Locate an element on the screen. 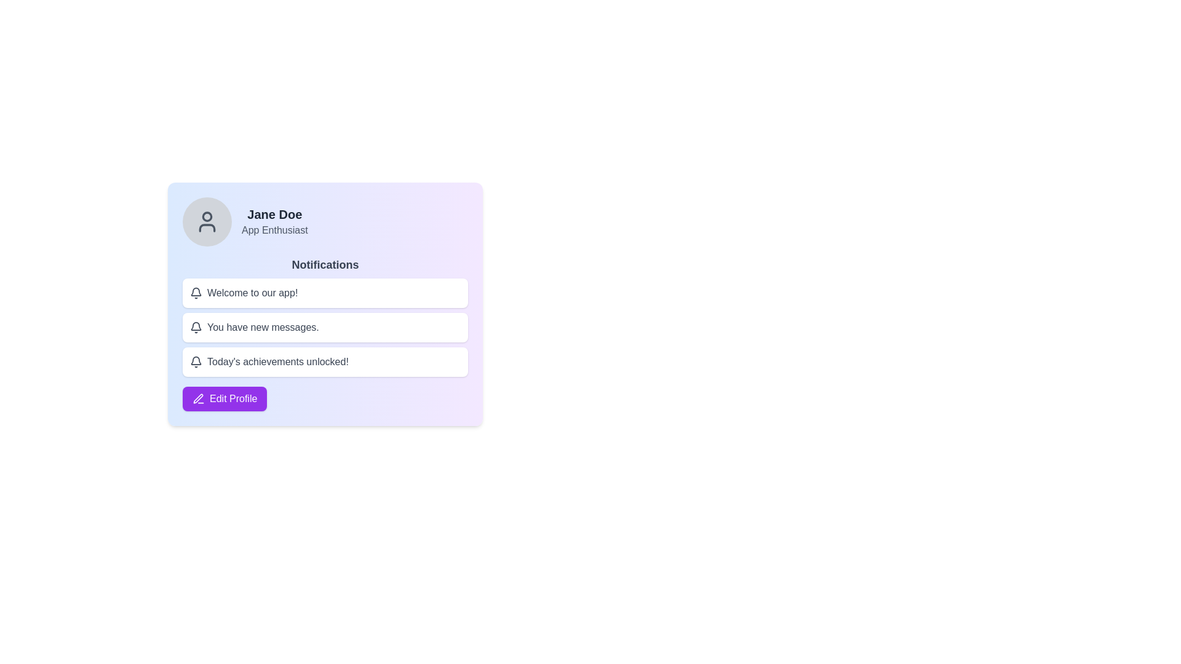 This screenshot has height=664, width=1181. the user profile icon, which is a gray silhouette located in a circular button at the top-left corner of the card, adjacent to the user's name Jane Doe is located at coordinates (207, 222).